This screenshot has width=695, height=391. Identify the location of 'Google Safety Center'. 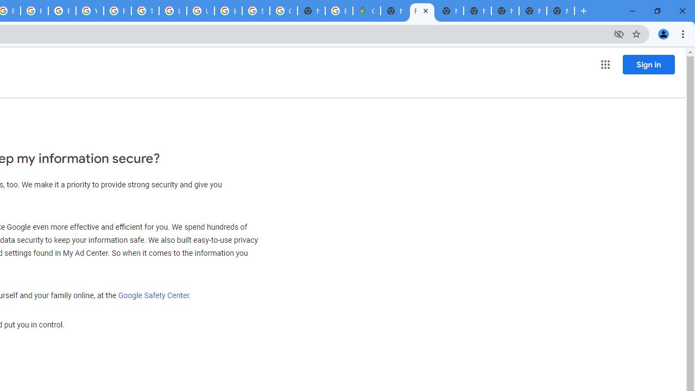
(153, 295).